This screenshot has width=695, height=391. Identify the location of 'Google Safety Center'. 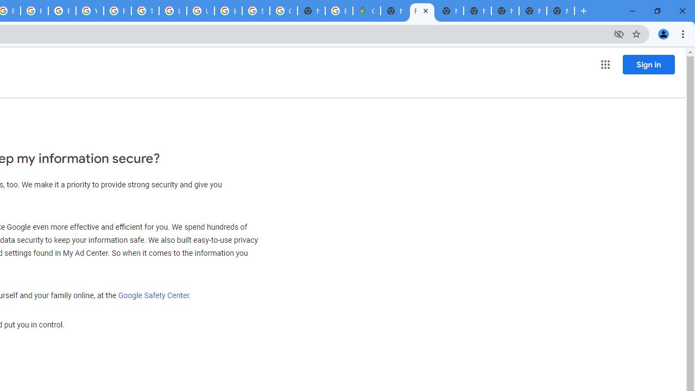
(153, 295).